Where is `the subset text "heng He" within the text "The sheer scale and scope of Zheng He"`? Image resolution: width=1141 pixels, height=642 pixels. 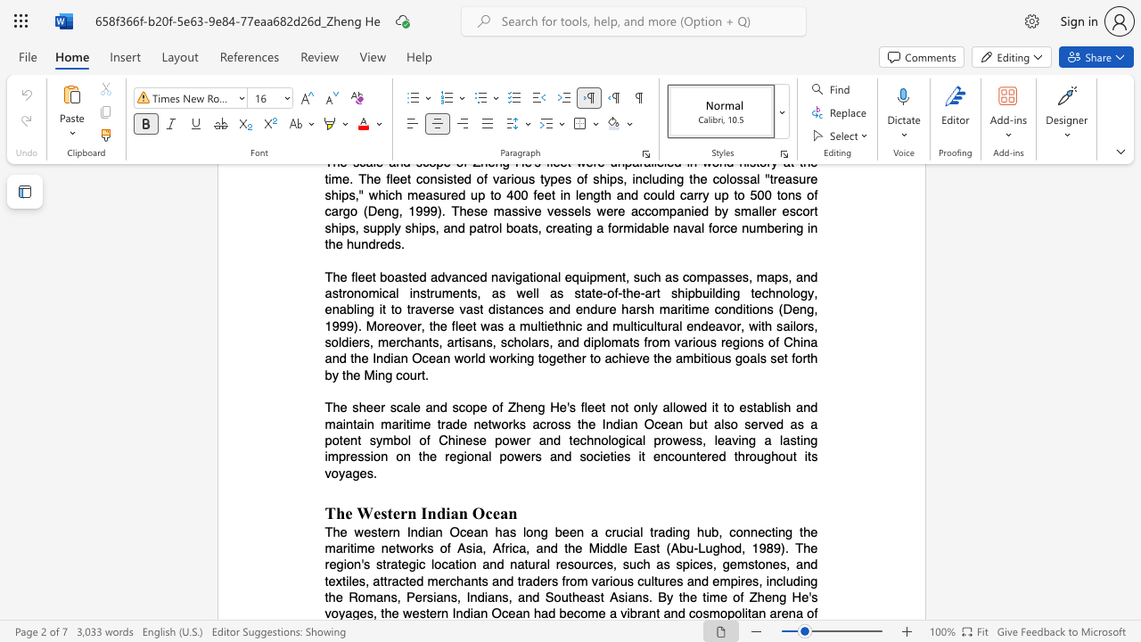 the subset text "heng He" within the text "The sheer scale and scope of Zheng He" is located at coordinates (514, 407).